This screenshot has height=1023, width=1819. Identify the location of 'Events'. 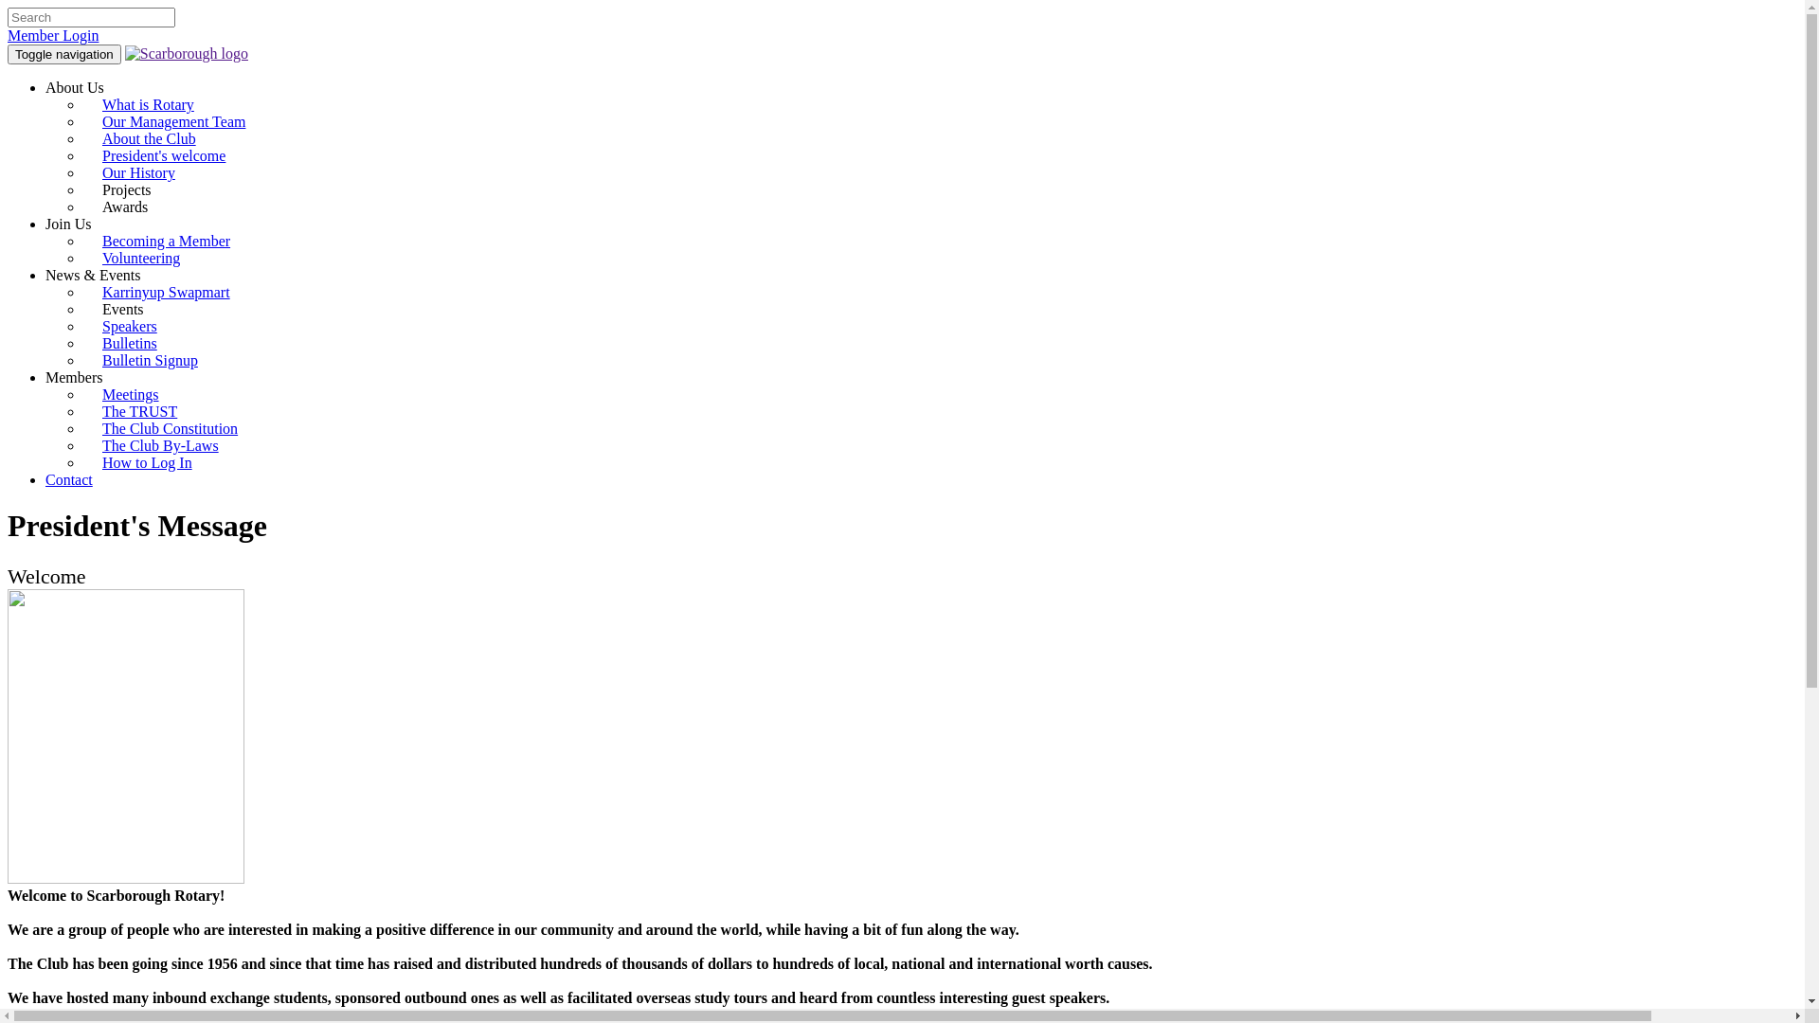
(81, 308).